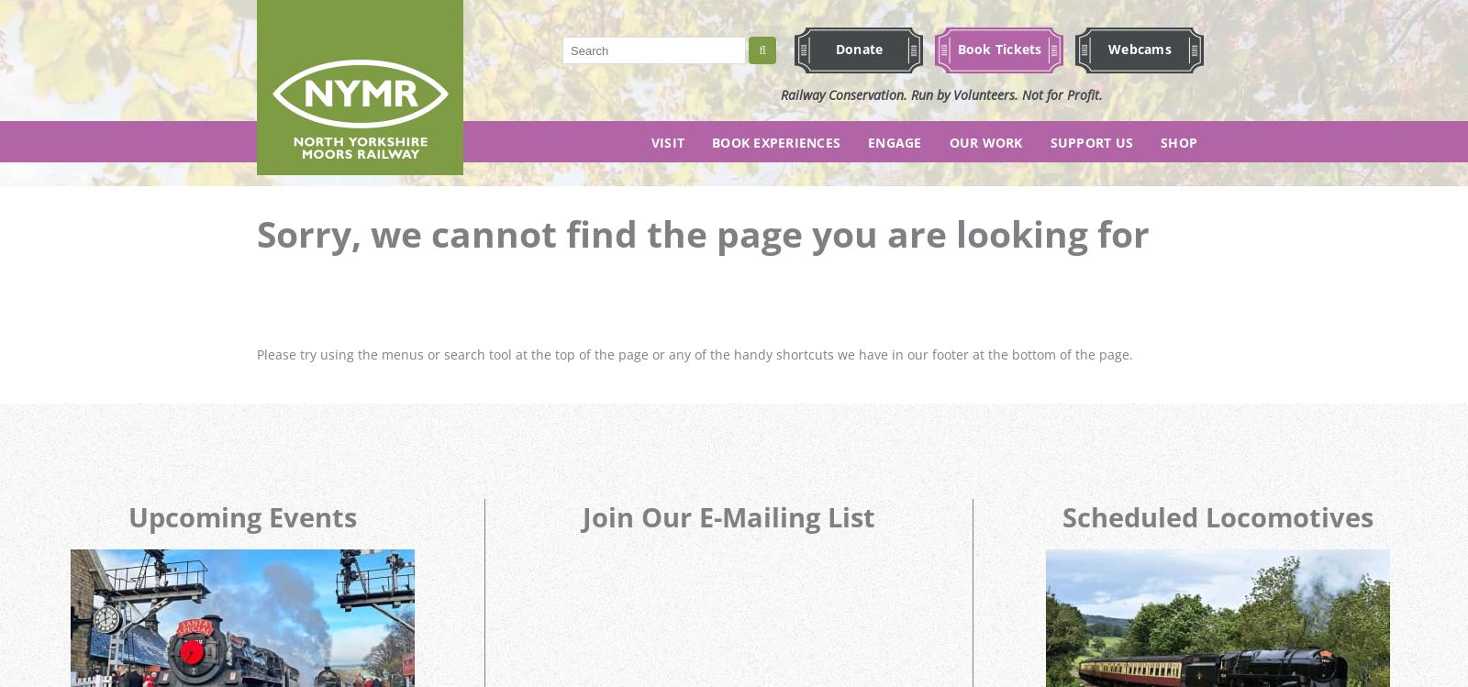  Describe the element at coordinates (1138, 49) in the screenshot. I see `'Webcams'` at that location.